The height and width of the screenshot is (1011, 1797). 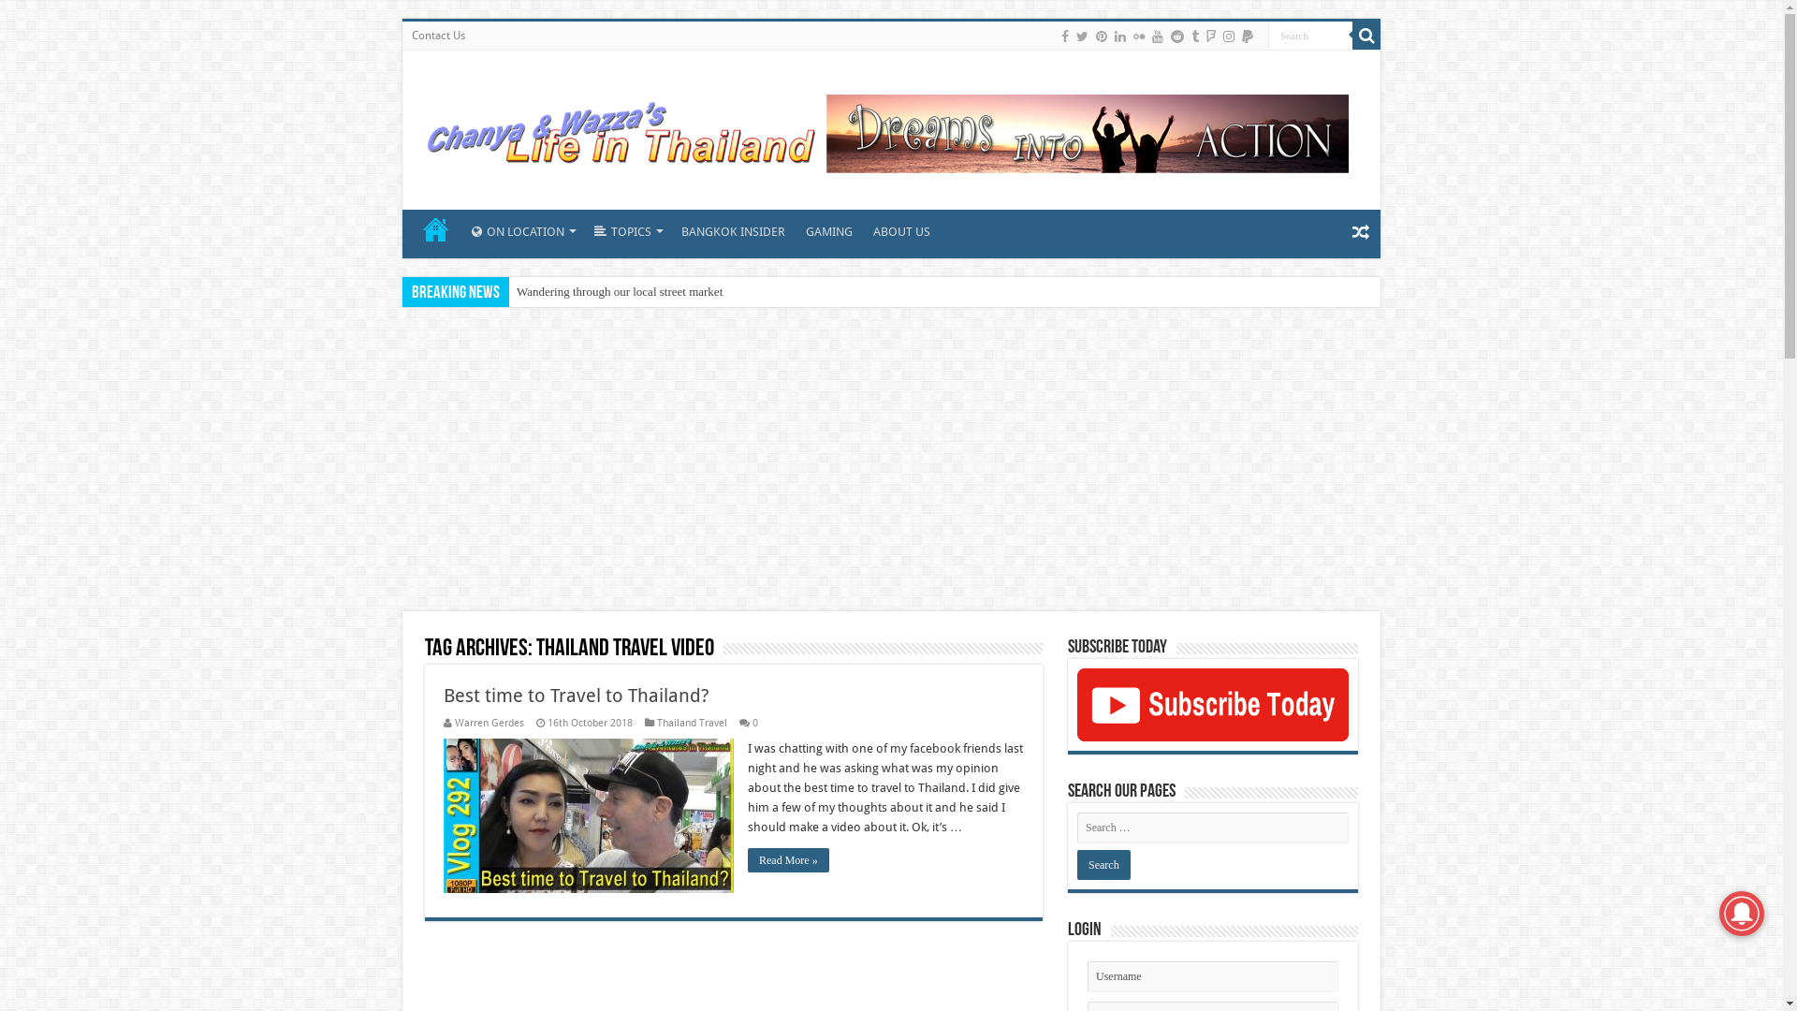 What do you see at coordinates (1351, 36) in the screenshot?
I see `'Search'` at bounding box center [1351, 36].